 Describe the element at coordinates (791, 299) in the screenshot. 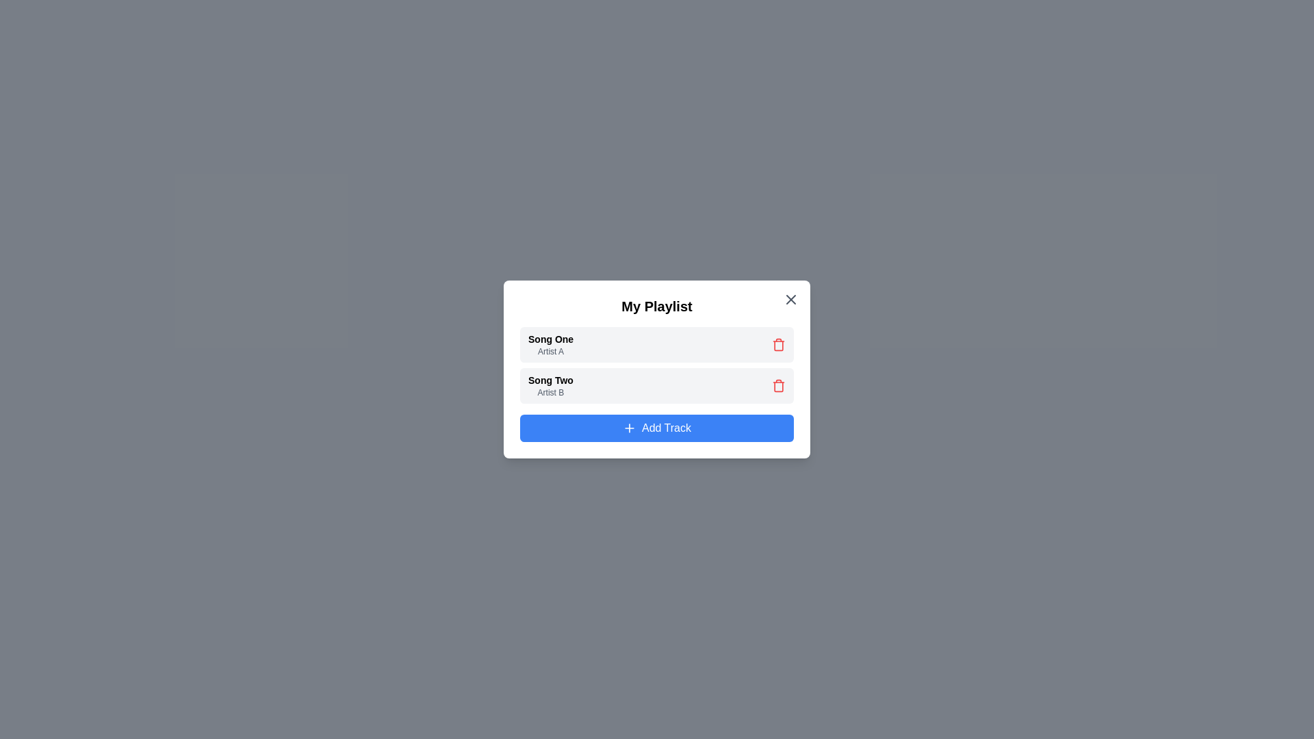

I see `the 'close' icon element located at the top-right corner of the playlist dialog, which is part of the SVG representing the 'X' icon` at that location.